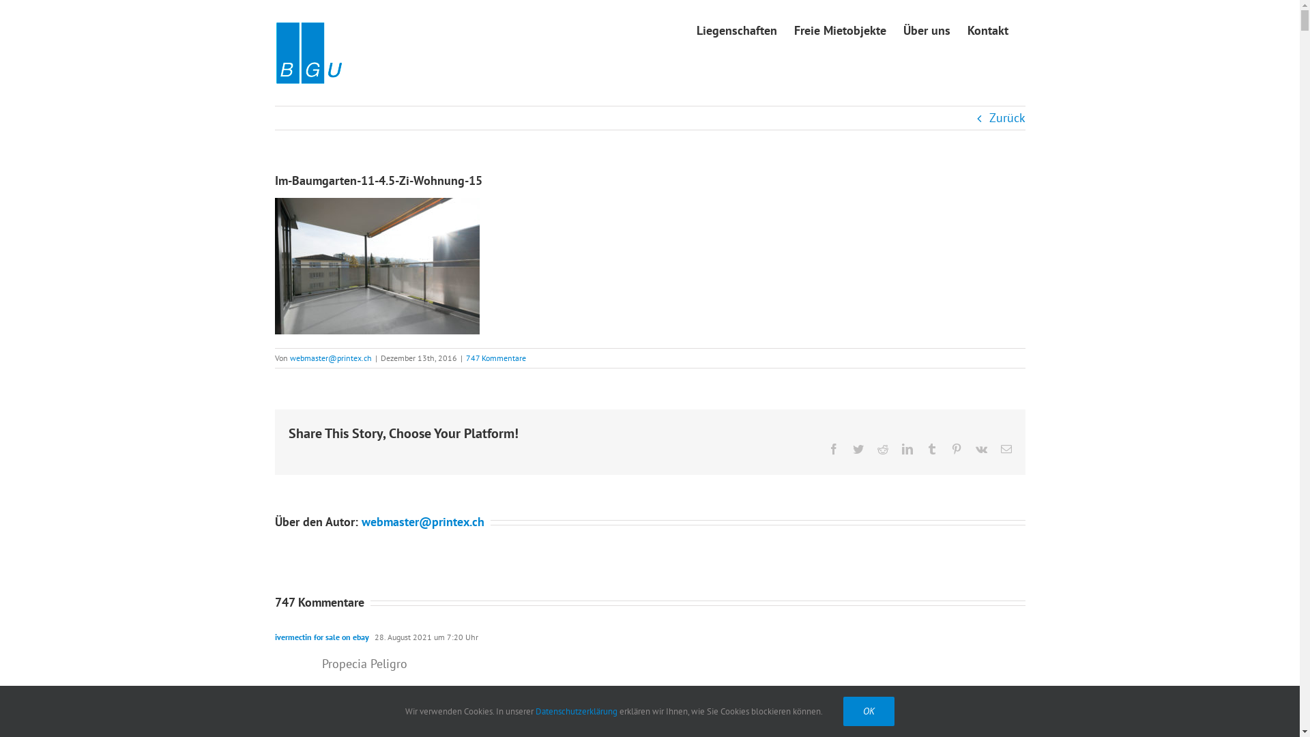 This screenshot has width=1310, height=737. I want to click on 'Pinterest', so click(955, 449).